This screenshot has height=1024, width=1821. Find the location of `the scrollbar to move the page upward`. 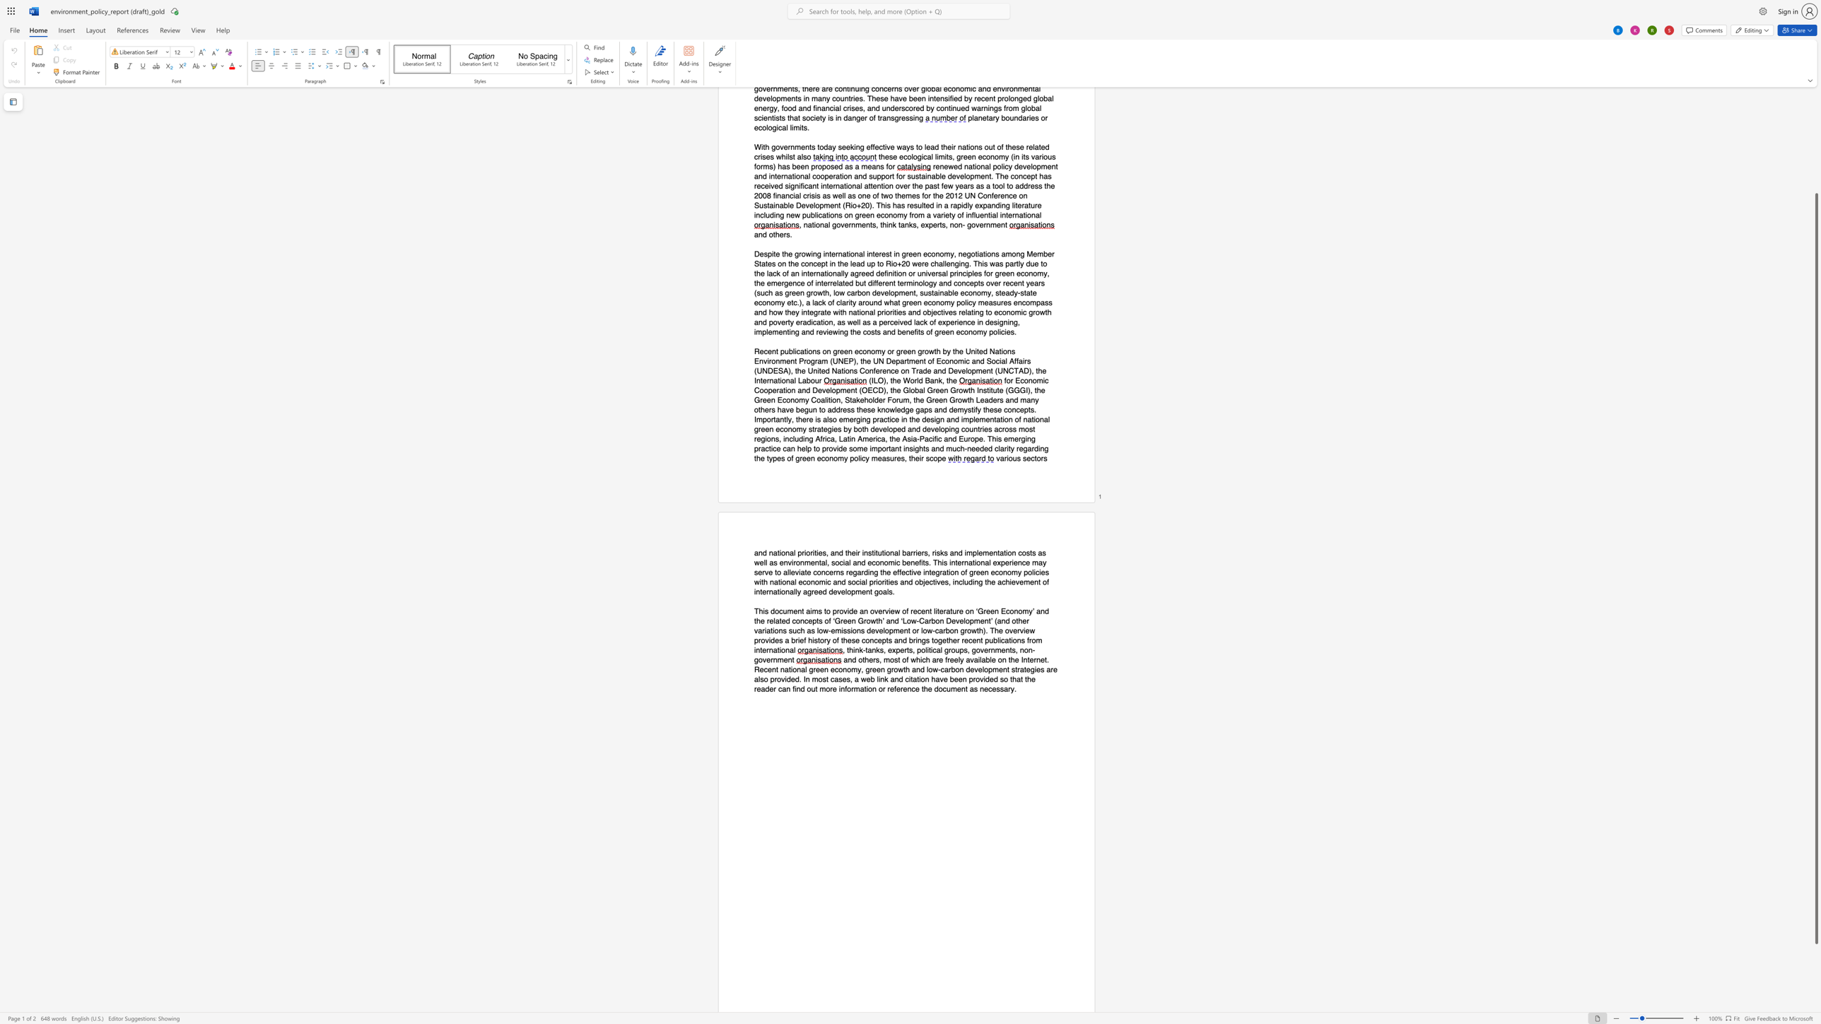

the scrollbar to move the page upward is located at coordinates (1815, 165).